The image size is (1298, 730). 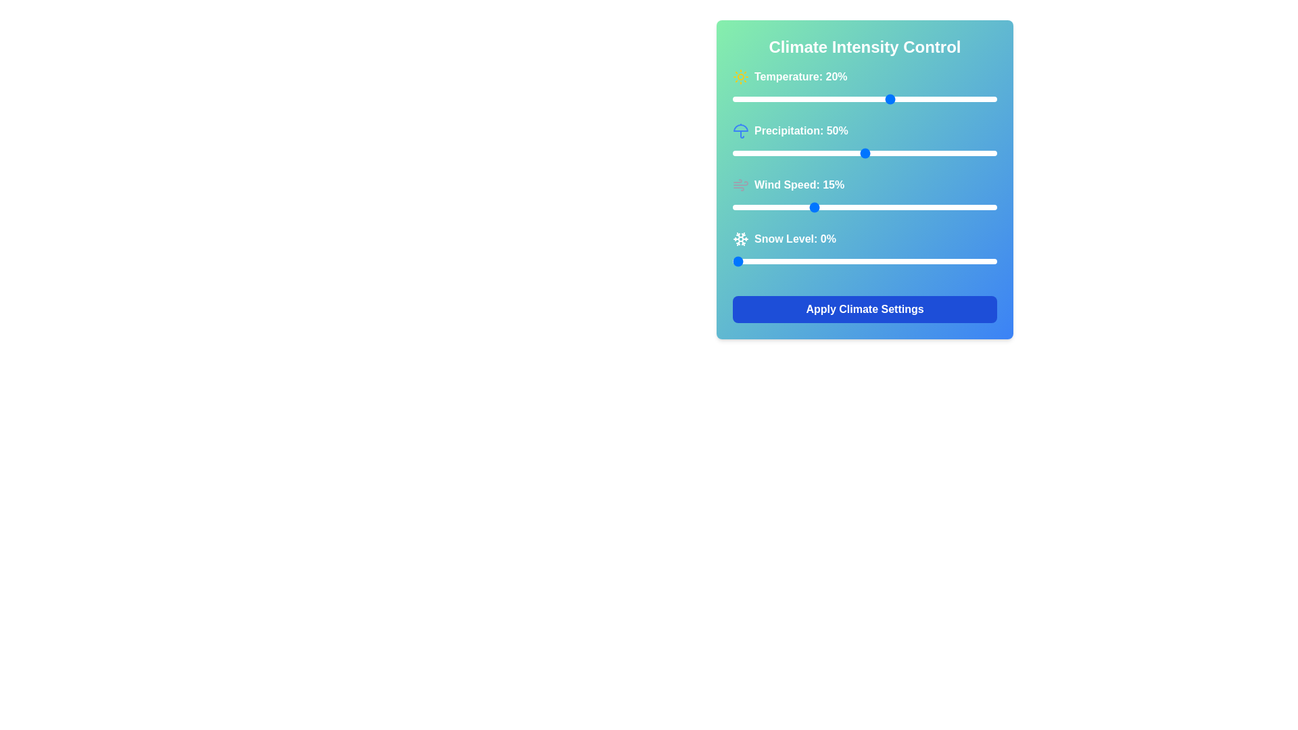 What do you see at coordinates (740, 130) in the screenshot?
I see `the small blue and white umbrella icon located to the left of the 'Precipitation: 50%' label under the 'Climate Intensity Control' header` at bounding box center [740, 130].